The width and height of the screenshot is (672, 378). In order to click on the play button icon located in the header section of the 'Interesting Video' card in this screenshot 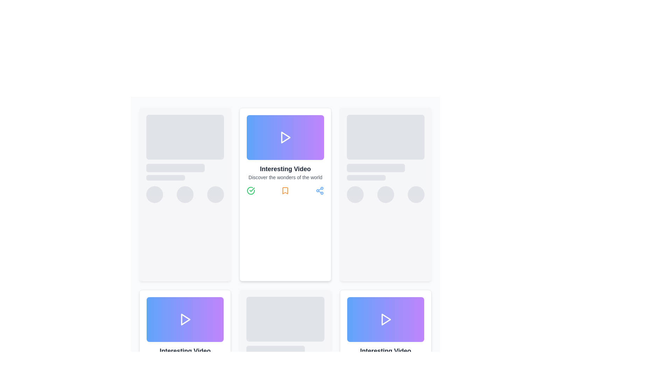, I will do `click(286, 138)`.